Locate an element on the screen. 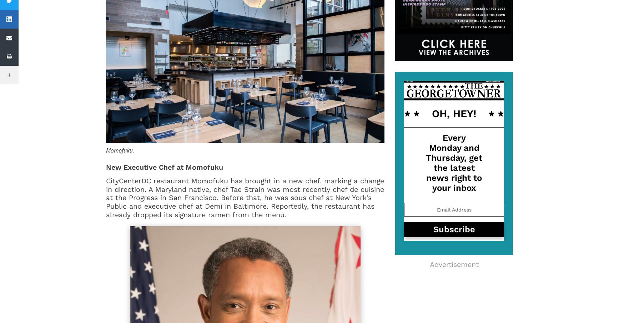 This screenshot has width=619, height=323. 'CityCenterDC restaurant Momofuku has brought in a new chef, marking a change in direction. A Maryland native, chef Tae Strain was most recently chef de cuisine at the Progress in San Francisco. Before that, he was sous chef at New York’s Public and executive chef at Demi in Baltimore. Reportedly, the restaurant has already dropped its signature ramen from the menu.' is located at coordinates (245, 198).